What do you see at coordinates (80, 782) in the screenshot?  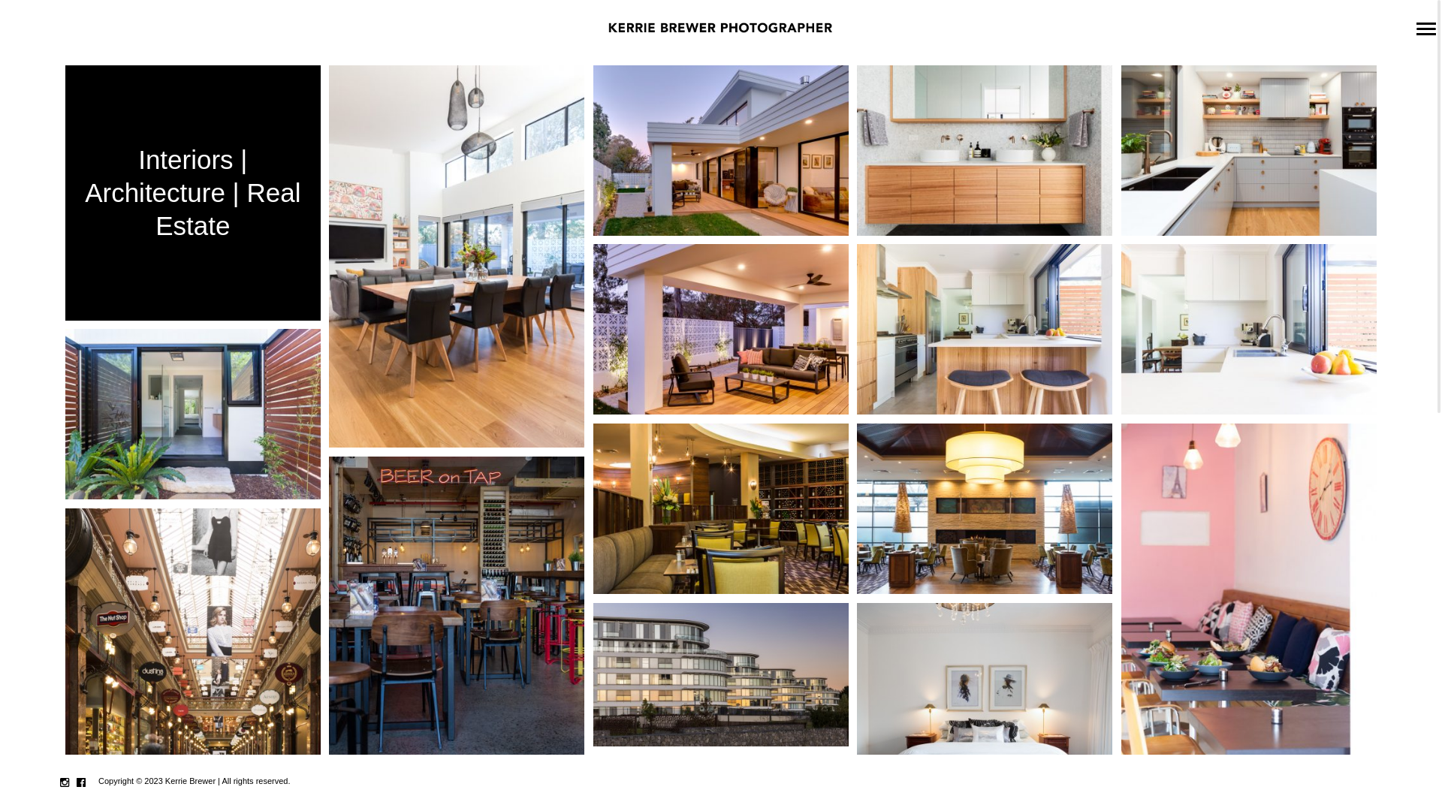 I see `'facebook'` at bounding box center [80, 782].